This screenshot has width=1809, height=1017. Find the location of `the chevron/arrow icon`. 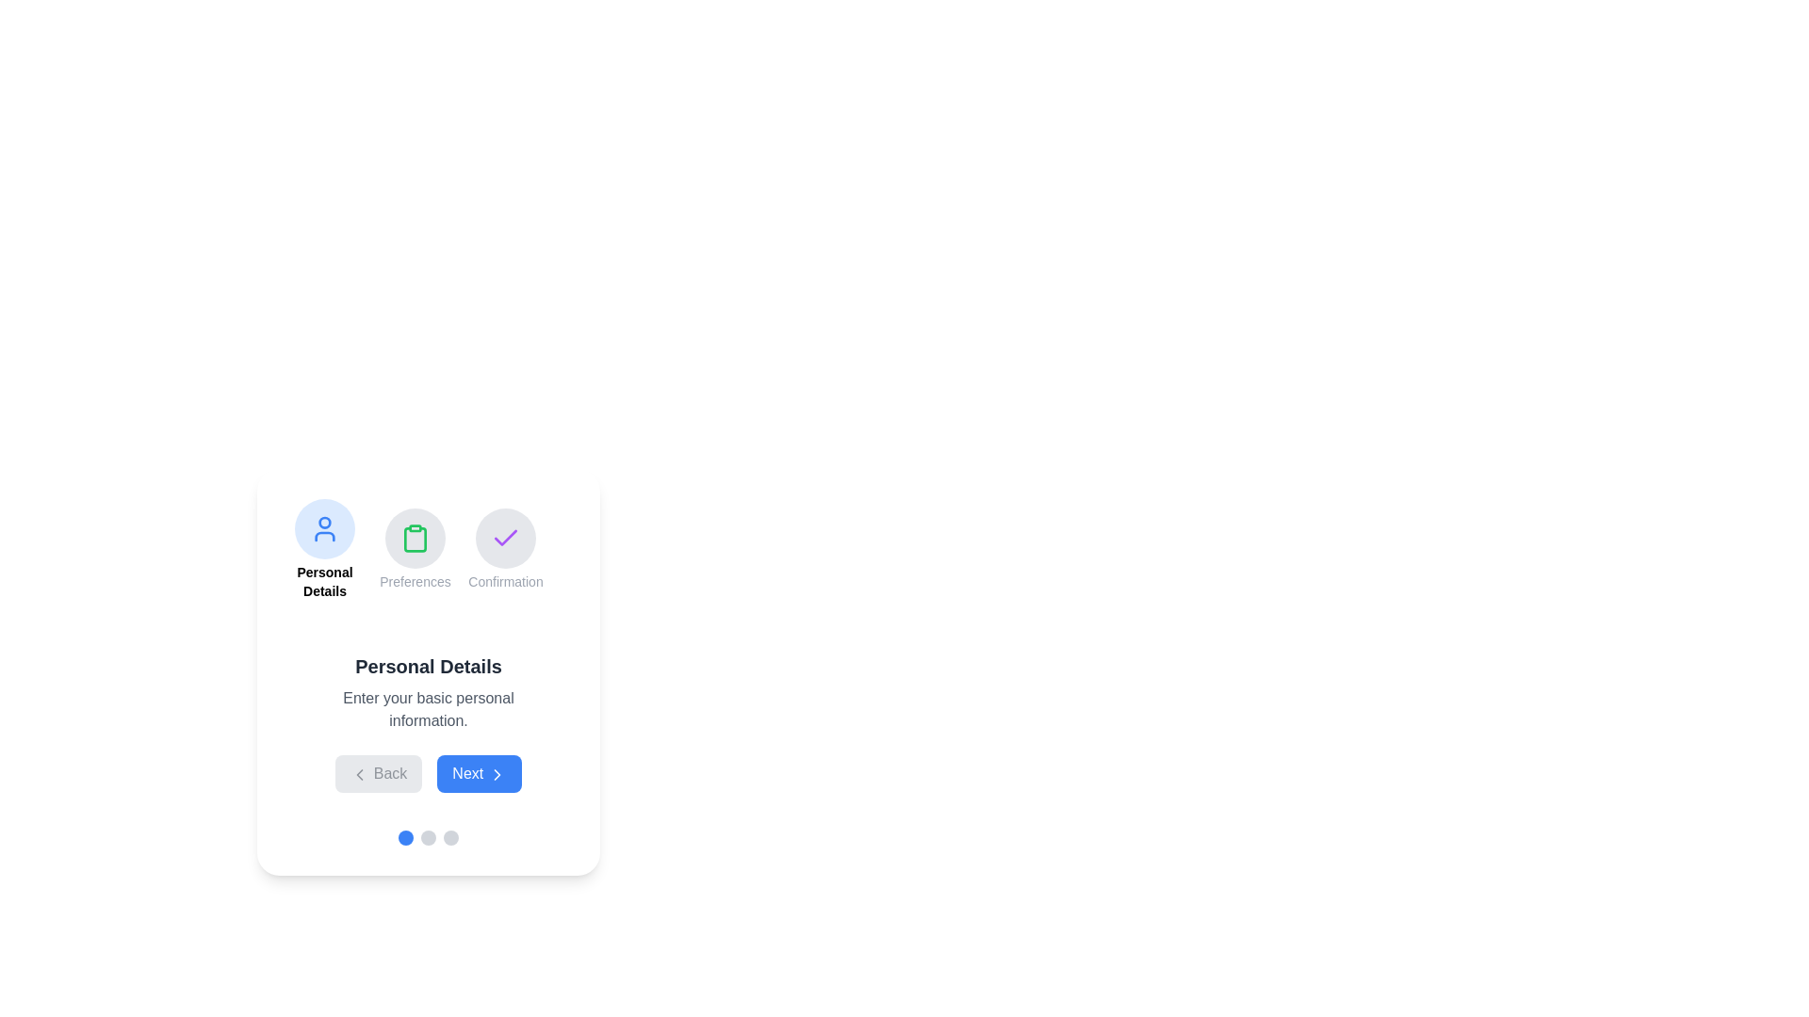

the chevron/arrow icon is located at coordinates (497, 774).